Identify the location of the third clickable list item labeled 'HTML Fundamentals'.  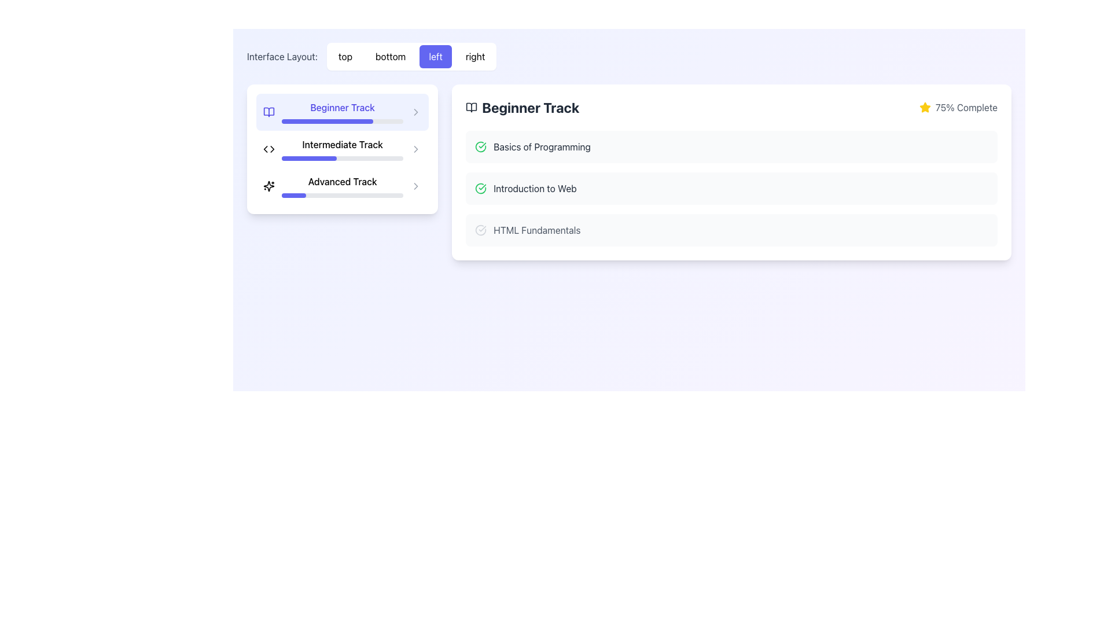
(731, 230).